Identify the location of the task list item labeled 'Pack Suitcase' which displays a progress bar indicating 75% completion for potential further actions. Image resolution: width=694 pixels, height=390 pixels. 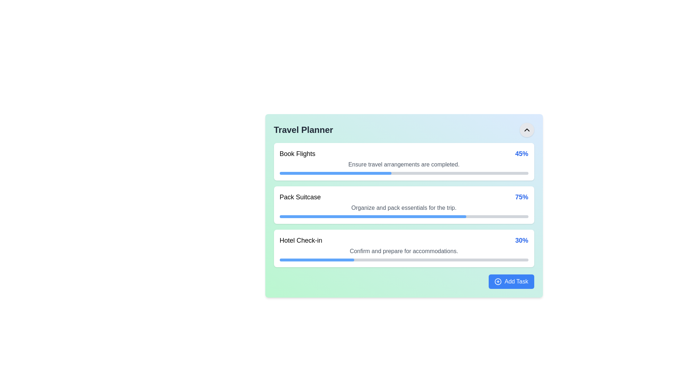
(403, 205).